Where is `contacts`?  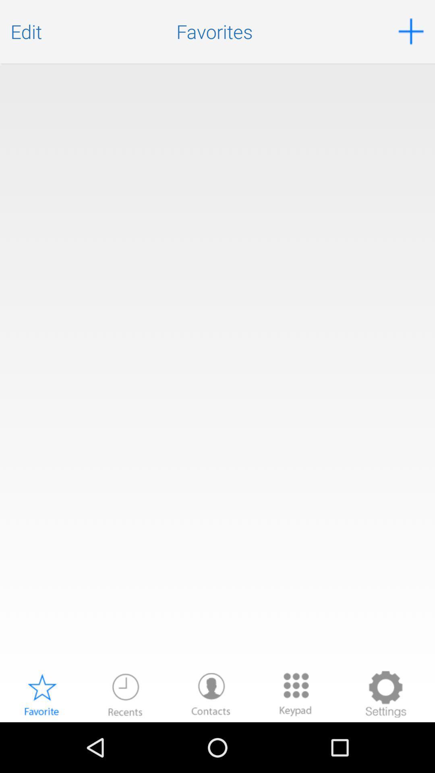
contacts is located at coordinates (211, 694).